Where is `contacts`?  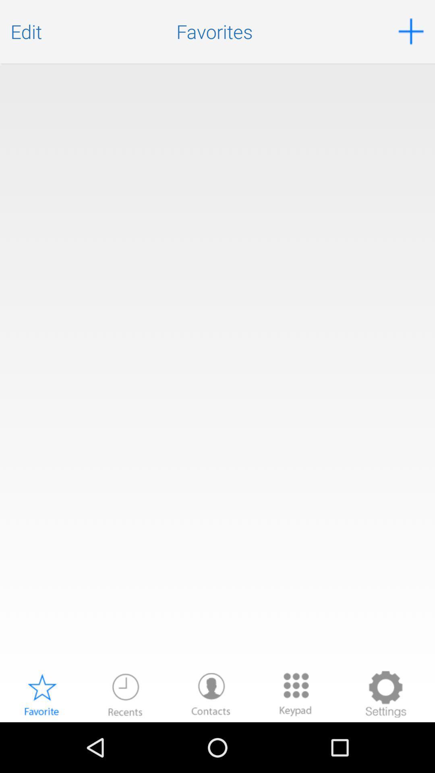
contacts is located at coordinates (211, 694).